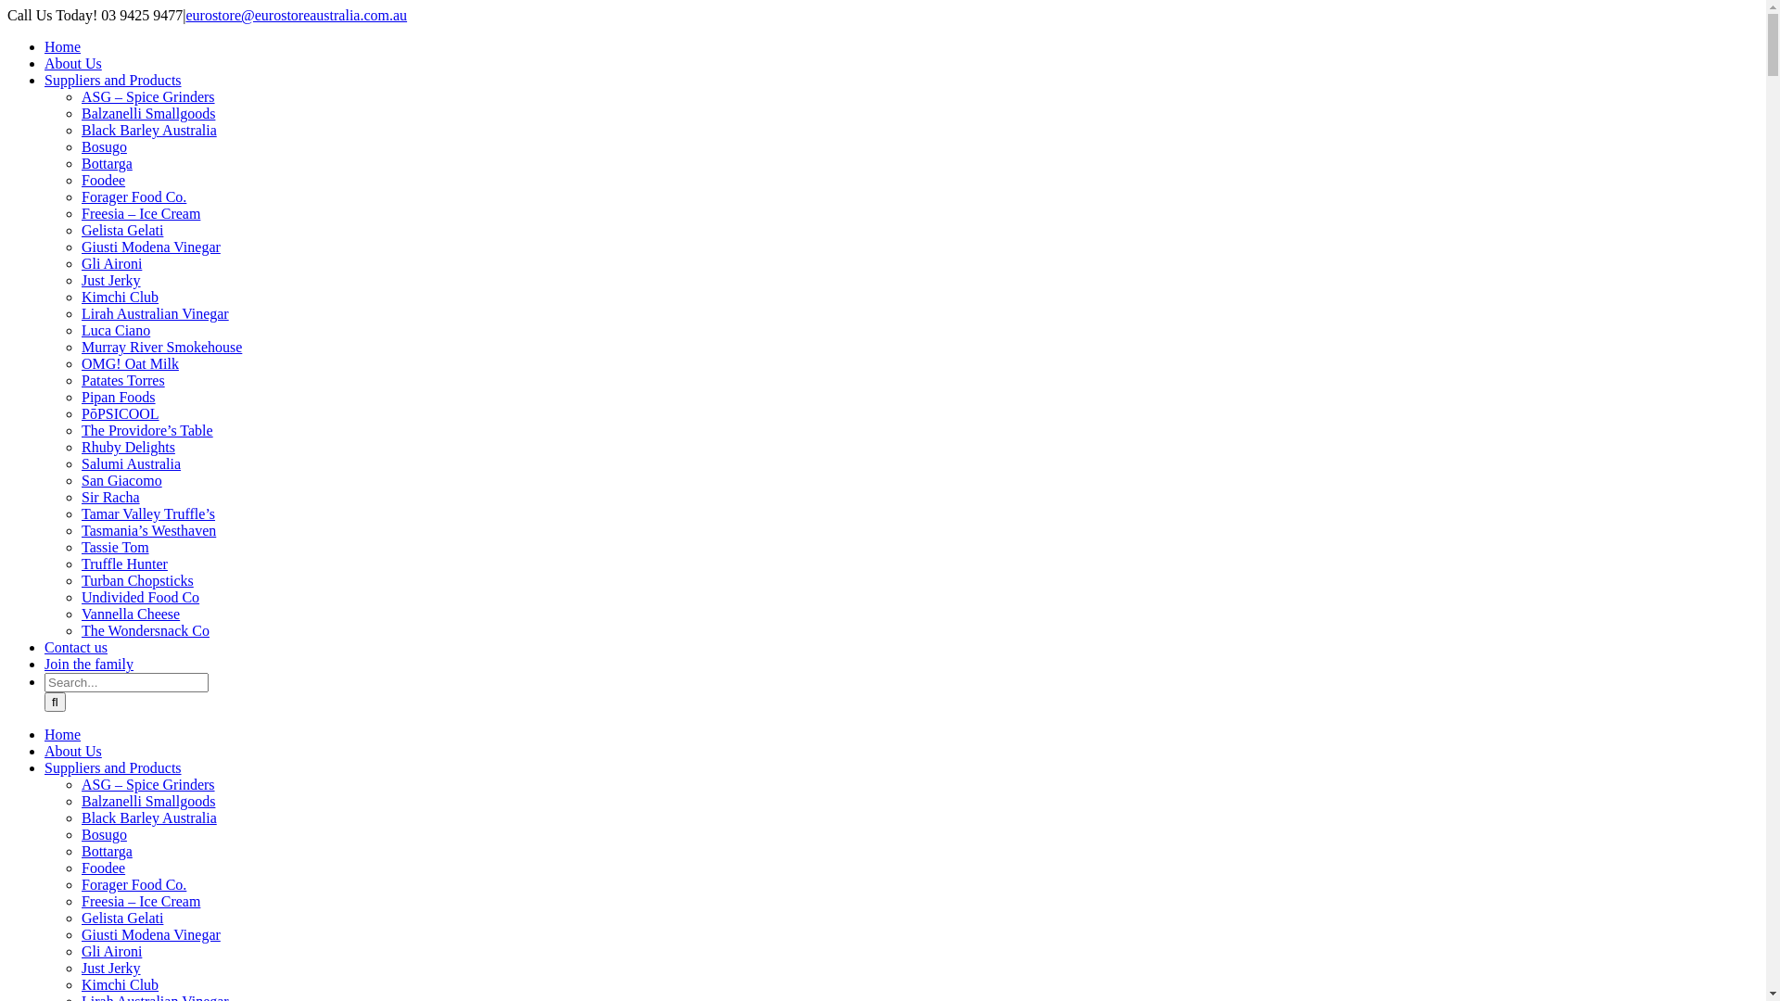  I want to click on 'Rhuby Delights', so click(127, 447).